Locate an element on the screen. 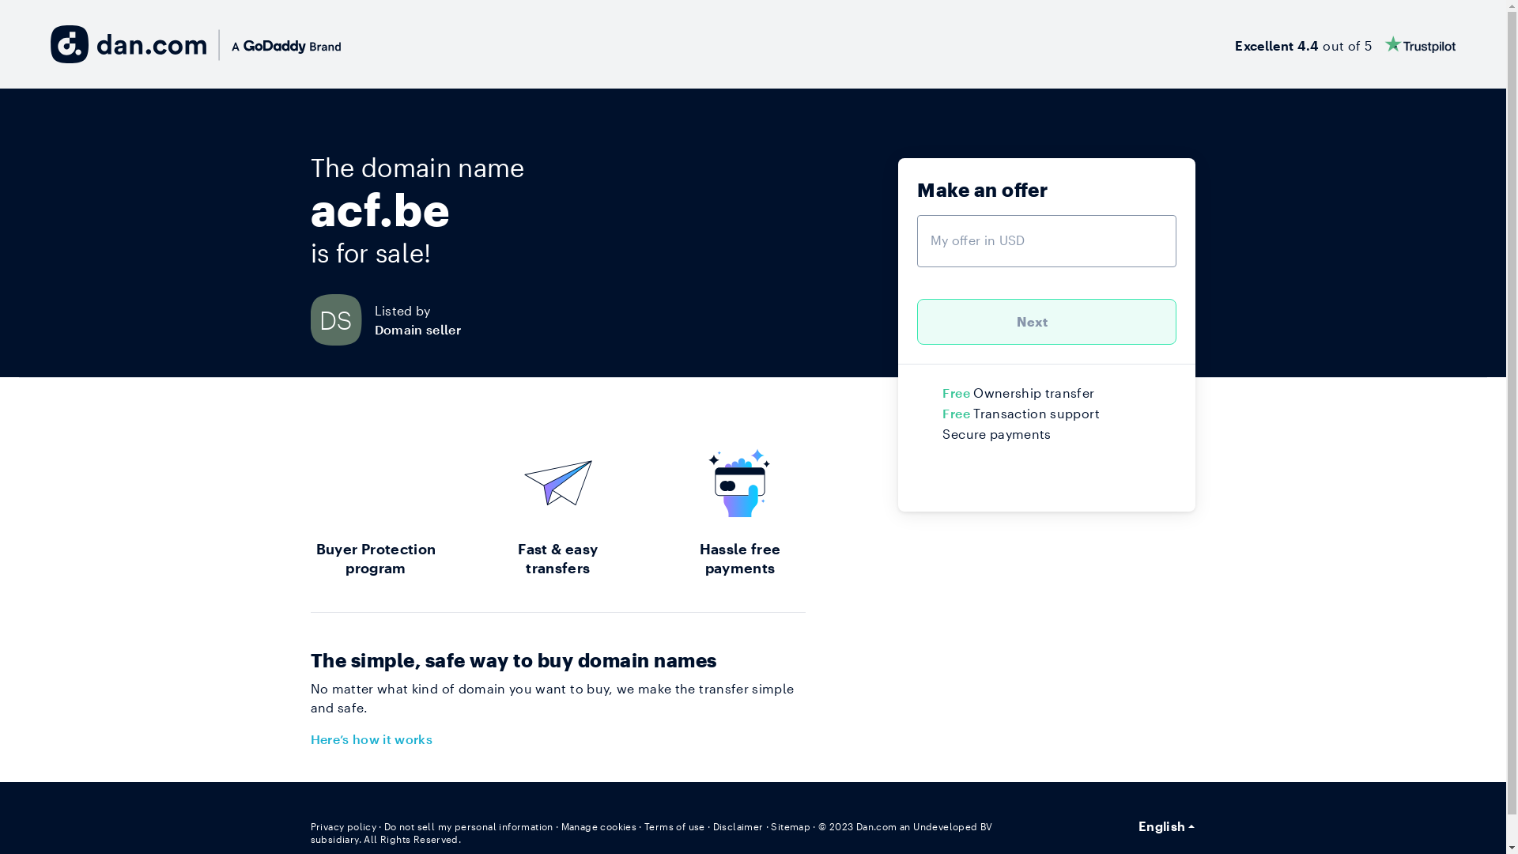  'Disclaimer' is located at coordinates (738, 826).